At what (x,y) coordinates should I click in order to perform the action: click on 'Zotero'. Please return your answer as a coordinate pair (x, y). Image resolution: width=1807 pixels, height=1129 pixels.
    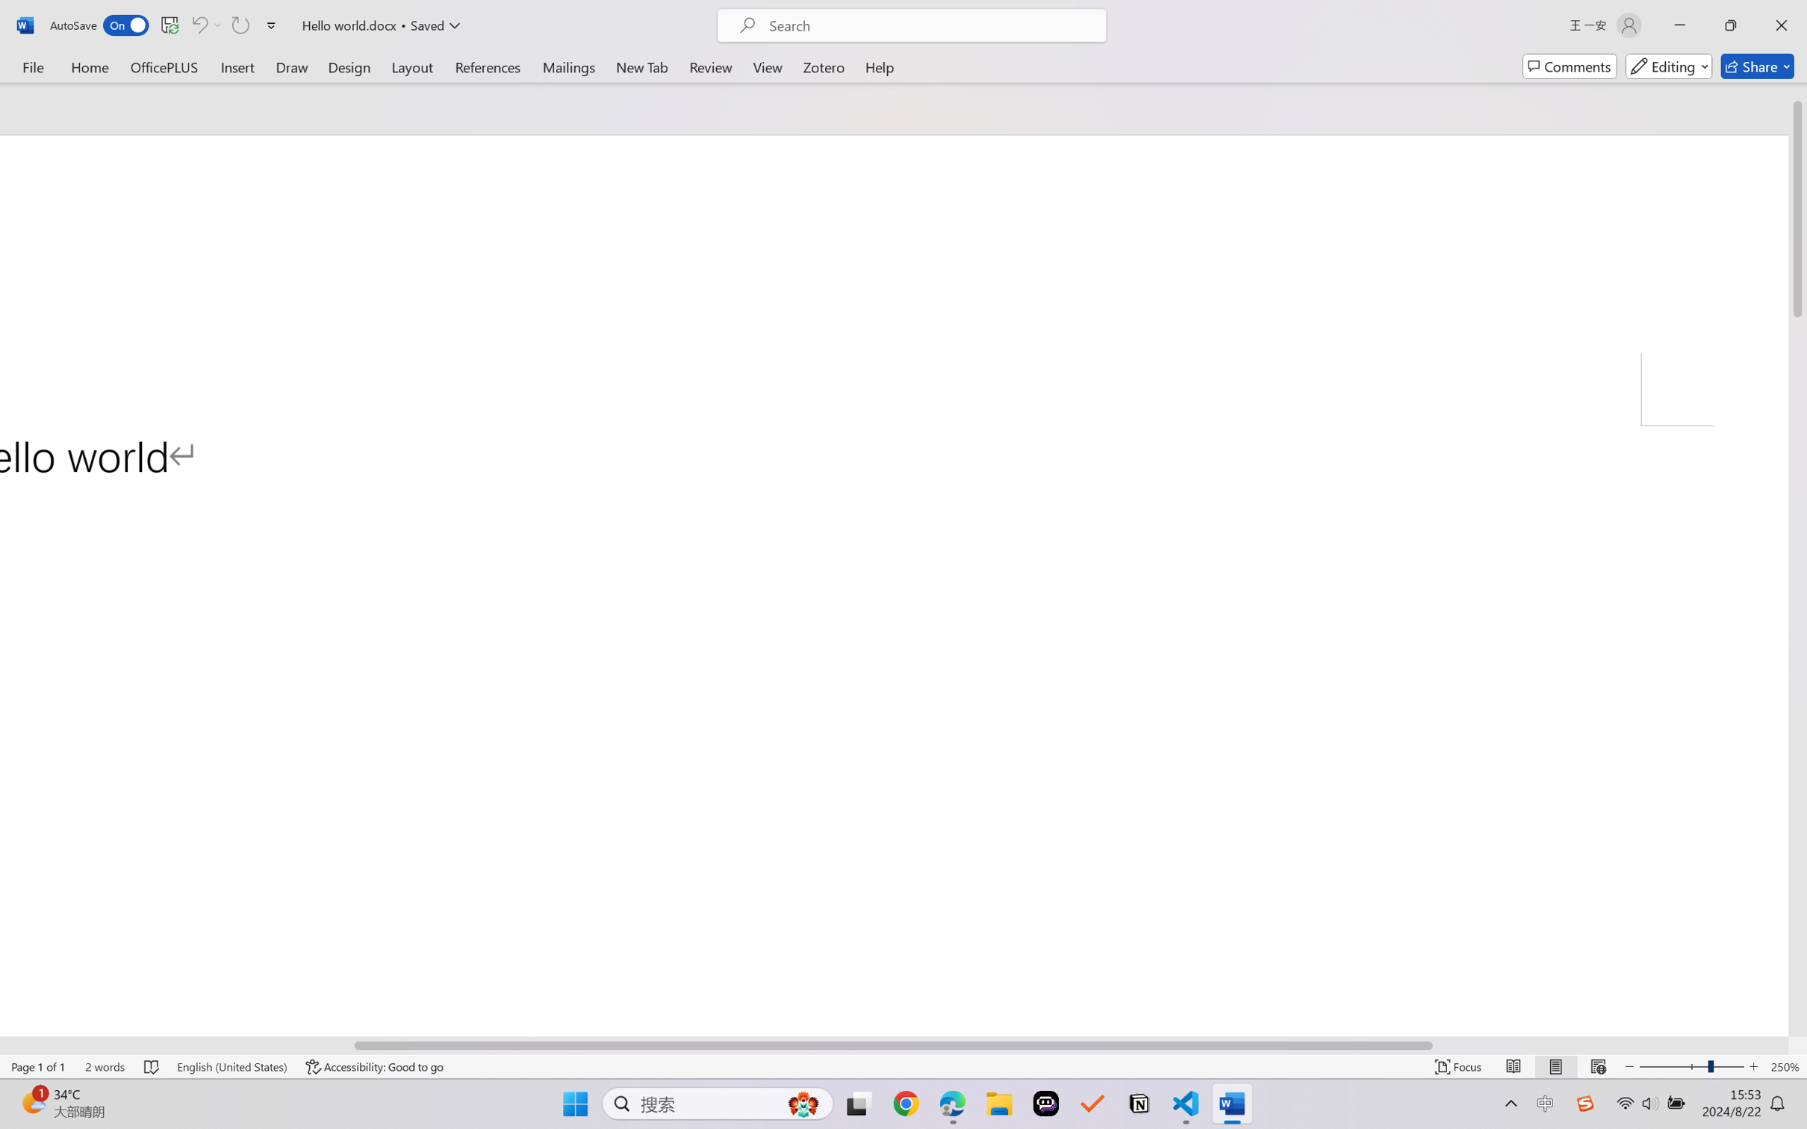
    Looking at the image, I should click on (823, 66).